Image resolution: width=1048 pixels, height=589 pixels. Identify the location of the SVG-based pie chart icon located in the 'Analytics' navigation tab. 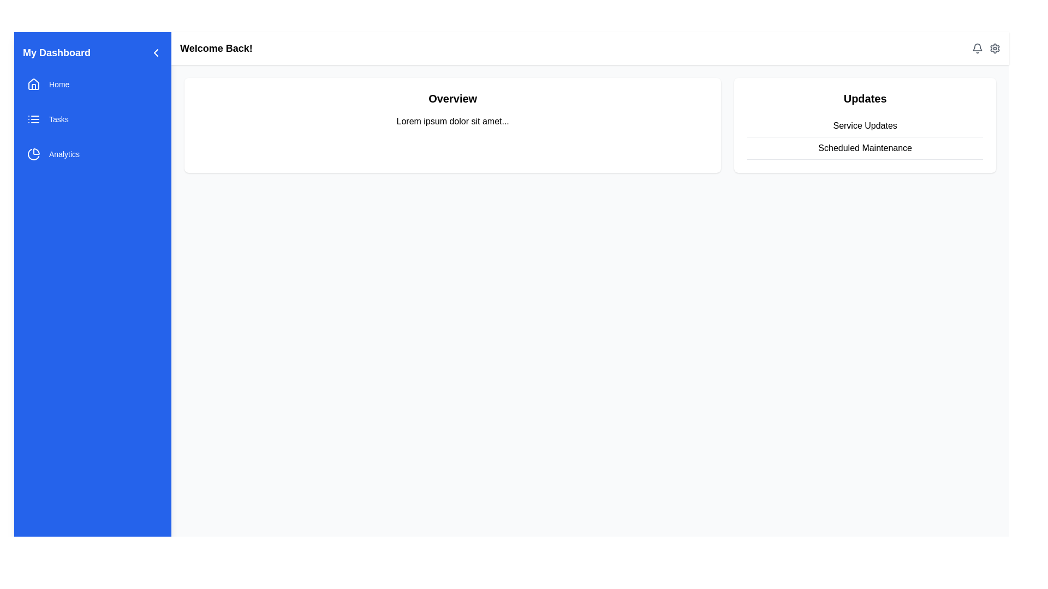
(34, 154).